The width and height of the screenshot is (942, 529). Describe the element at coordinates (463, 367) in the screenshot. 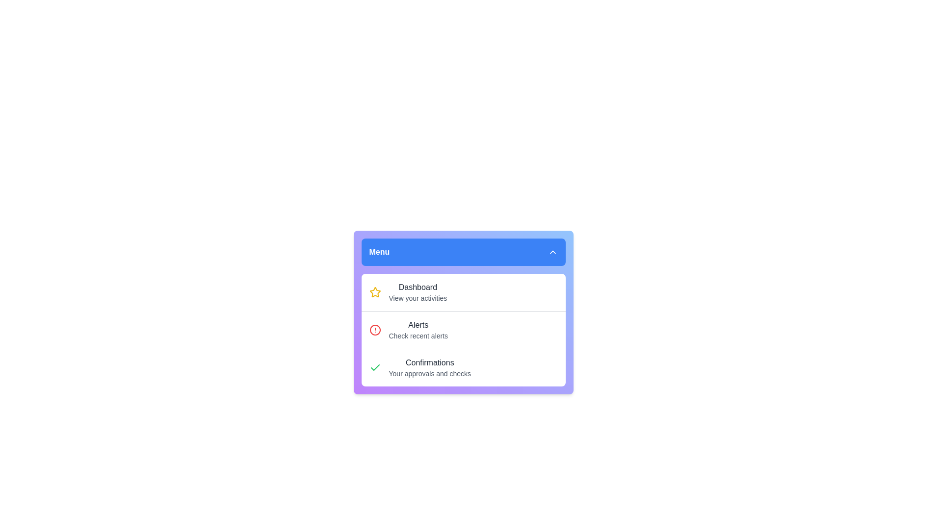

I see `the third menu item in the vertically stacked menu list` at that location.